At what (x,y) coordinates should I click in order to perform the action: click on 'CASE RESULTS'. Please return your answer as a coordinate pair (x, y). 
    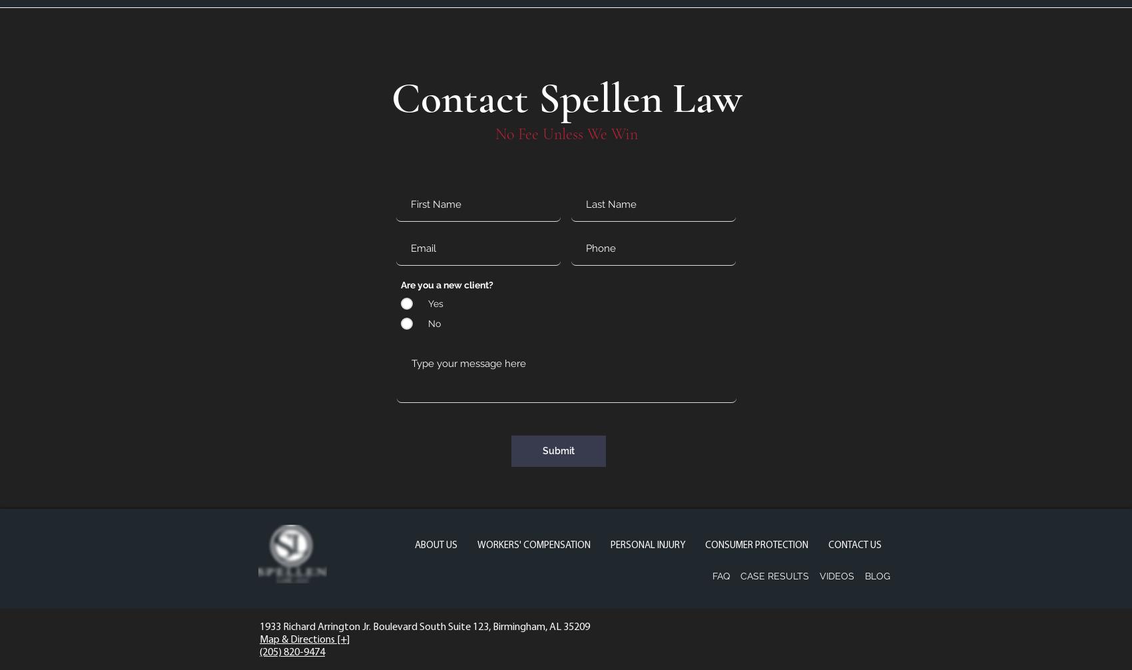
    Looking at the image, I should click on (774, 575).